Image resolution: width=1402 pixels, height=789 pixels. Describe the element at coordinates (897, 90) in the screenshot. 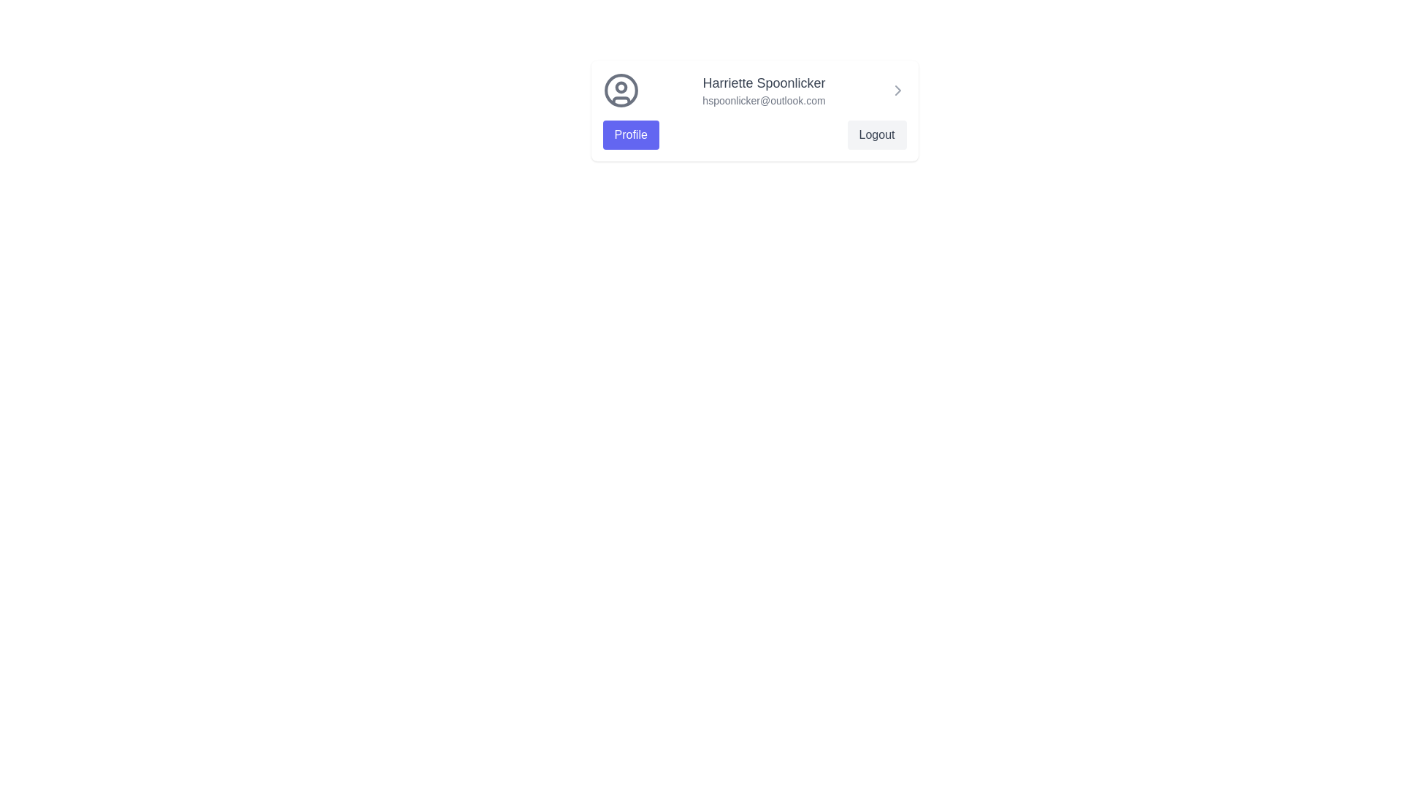

I see `the rightward-facing chevron icon used for navigation located to the right of 'Harriette Spoonlicker' and its email address` at that location.